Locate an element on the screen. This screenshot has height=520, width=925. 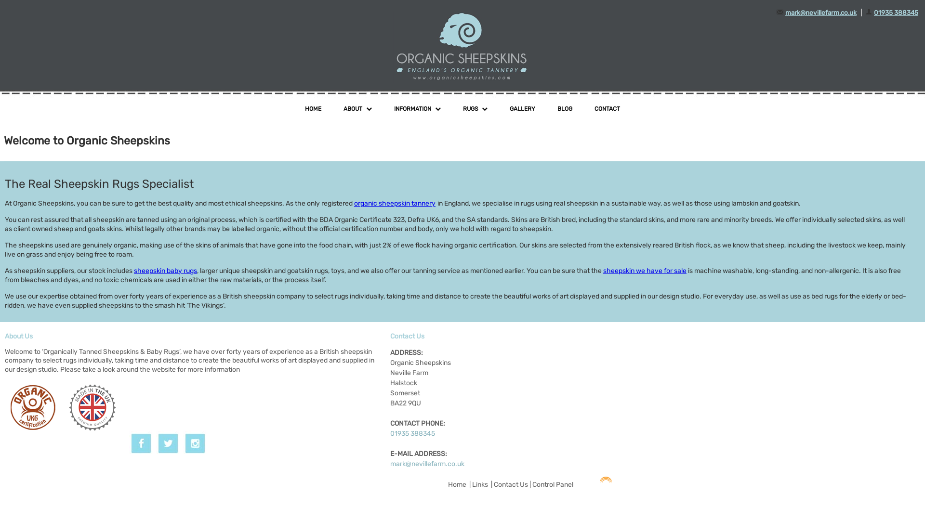
'GALLERY' is located at coordinates (499, 108).